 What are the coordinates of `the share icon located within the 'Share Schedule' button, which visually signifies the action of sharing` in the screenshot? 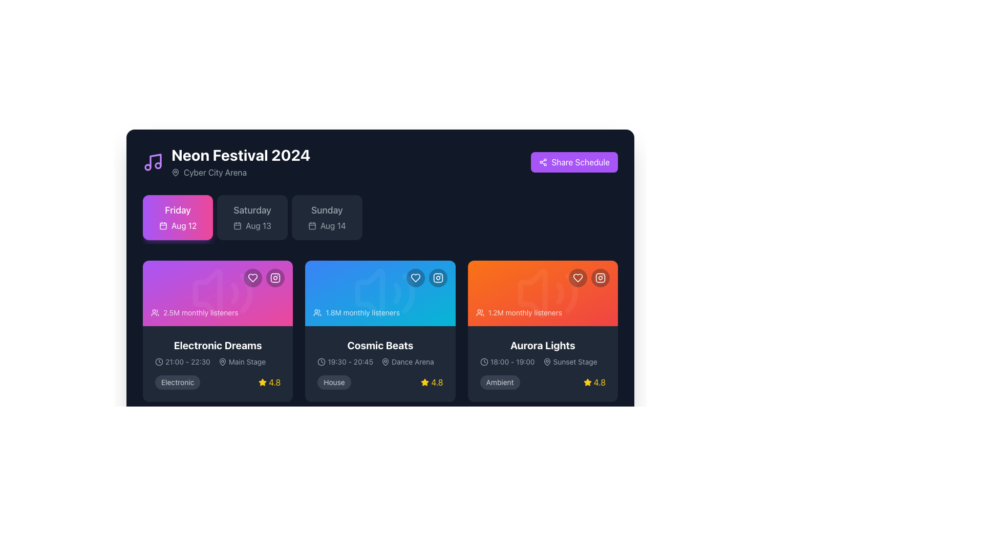 It's located at (543, 161).